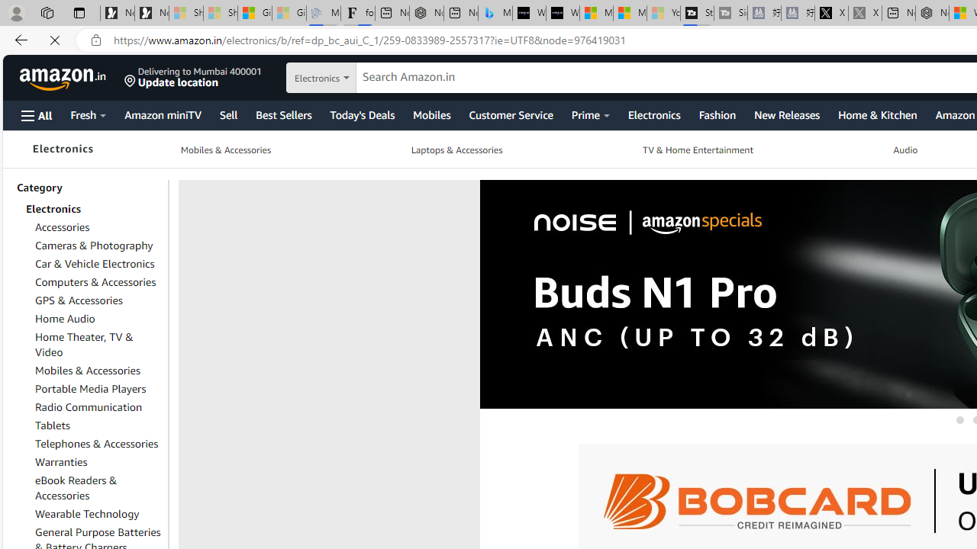 The width and height of the screenshot is (977, 549). I want to click on 'Best Sellers', so click(283, 114).